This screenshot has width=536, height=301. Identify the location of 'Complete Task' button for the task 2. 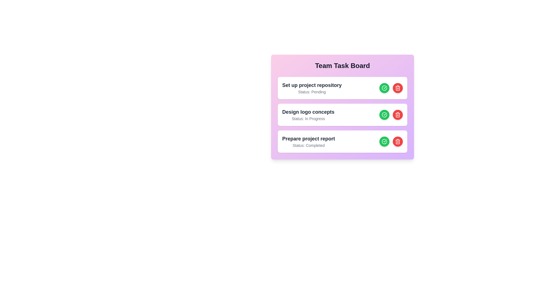
(384, 115).